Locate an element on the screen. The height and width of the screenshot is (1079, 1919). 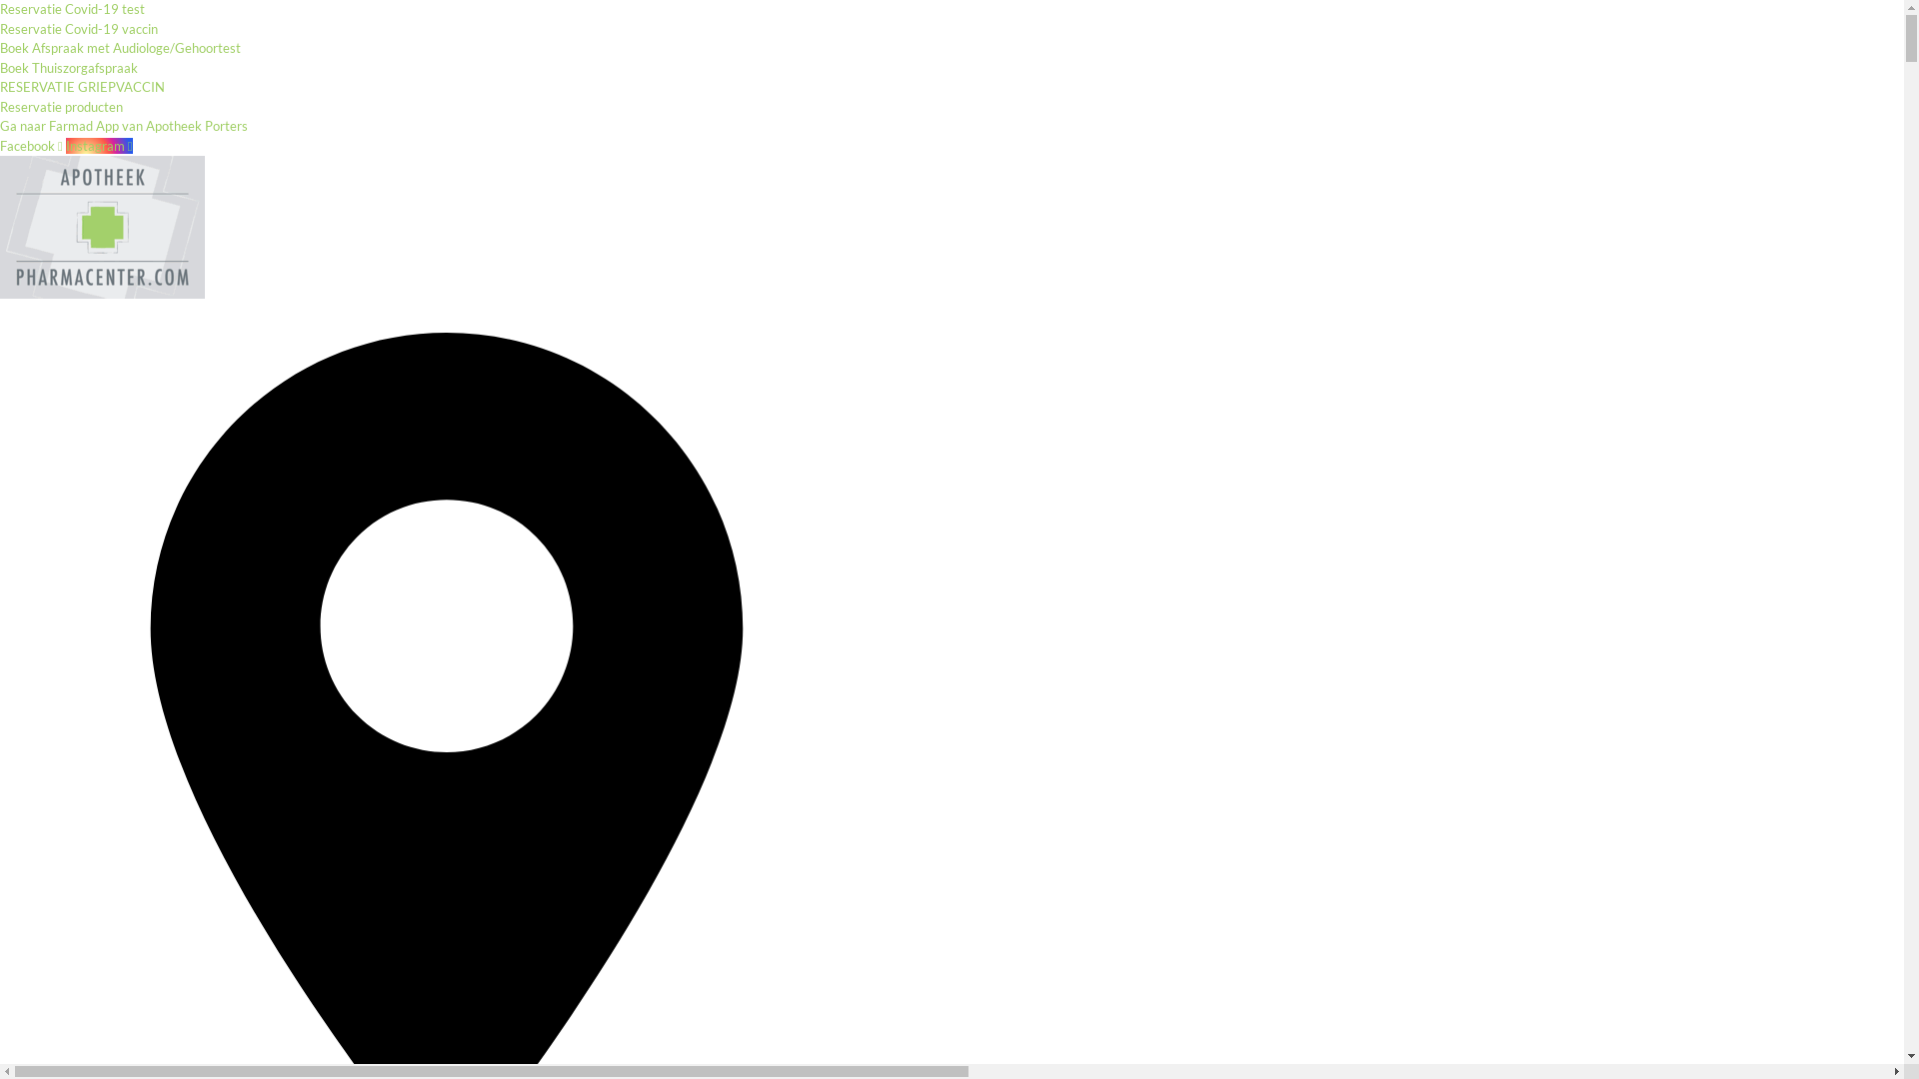
'Reservatie Covid-19 test' is located at coordinates (72, 8).